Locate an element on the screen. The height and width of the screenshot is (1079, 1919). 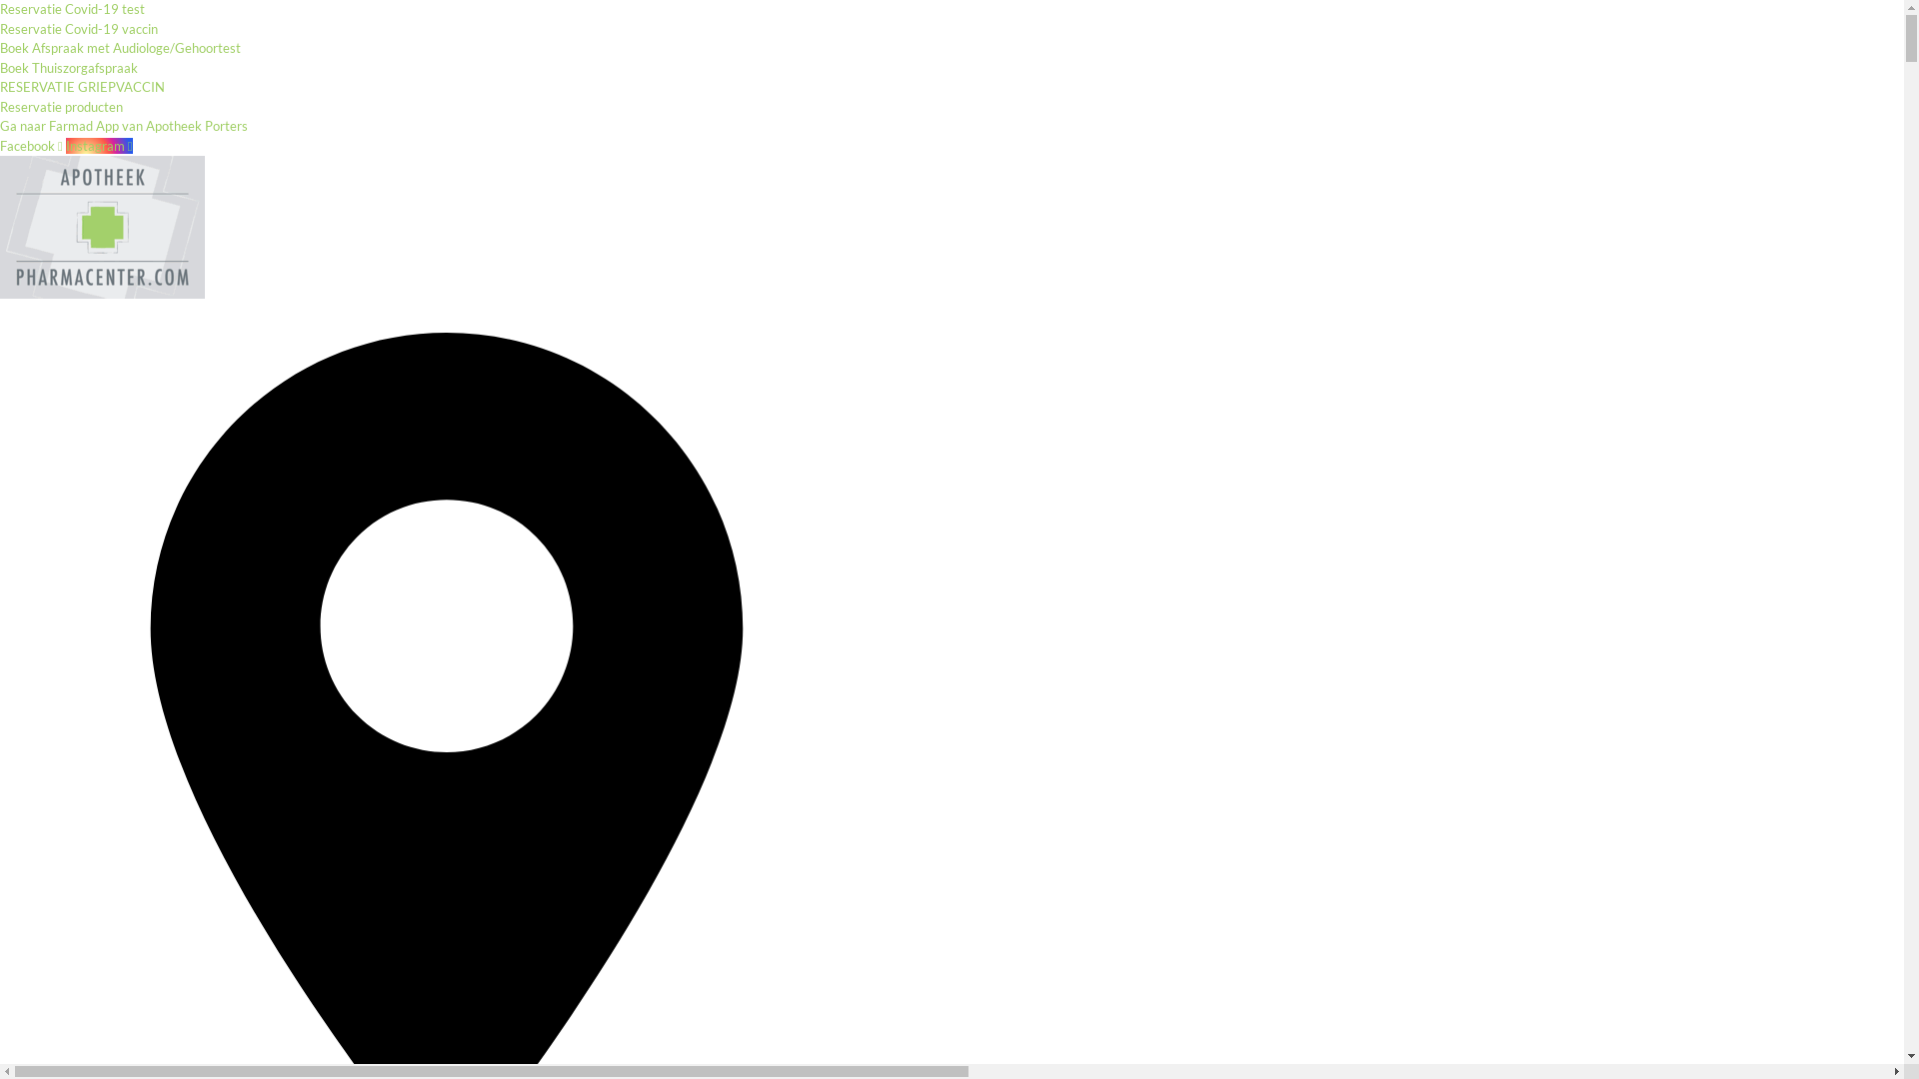
'Reservatie Covid-19 test' is located at coordinates (72, 8).